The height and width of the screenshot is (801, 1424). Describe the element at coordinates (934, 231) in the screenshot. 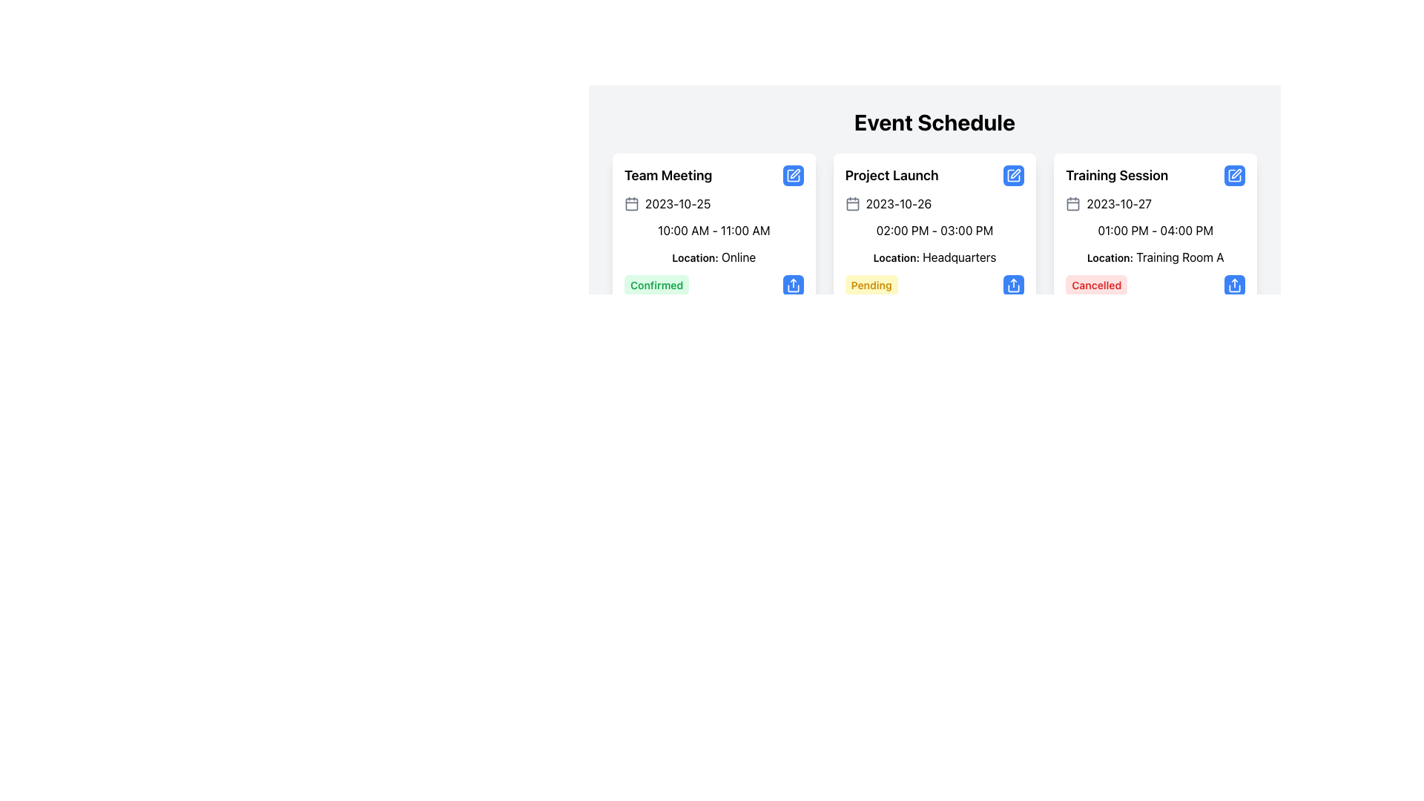

I see `the Text label displaying the event duration located in the 'Project Launch' card under the 'Event Schedule' heading, positioned between '2023-10-26' and 'Location: Headquarters' for context` at that location.